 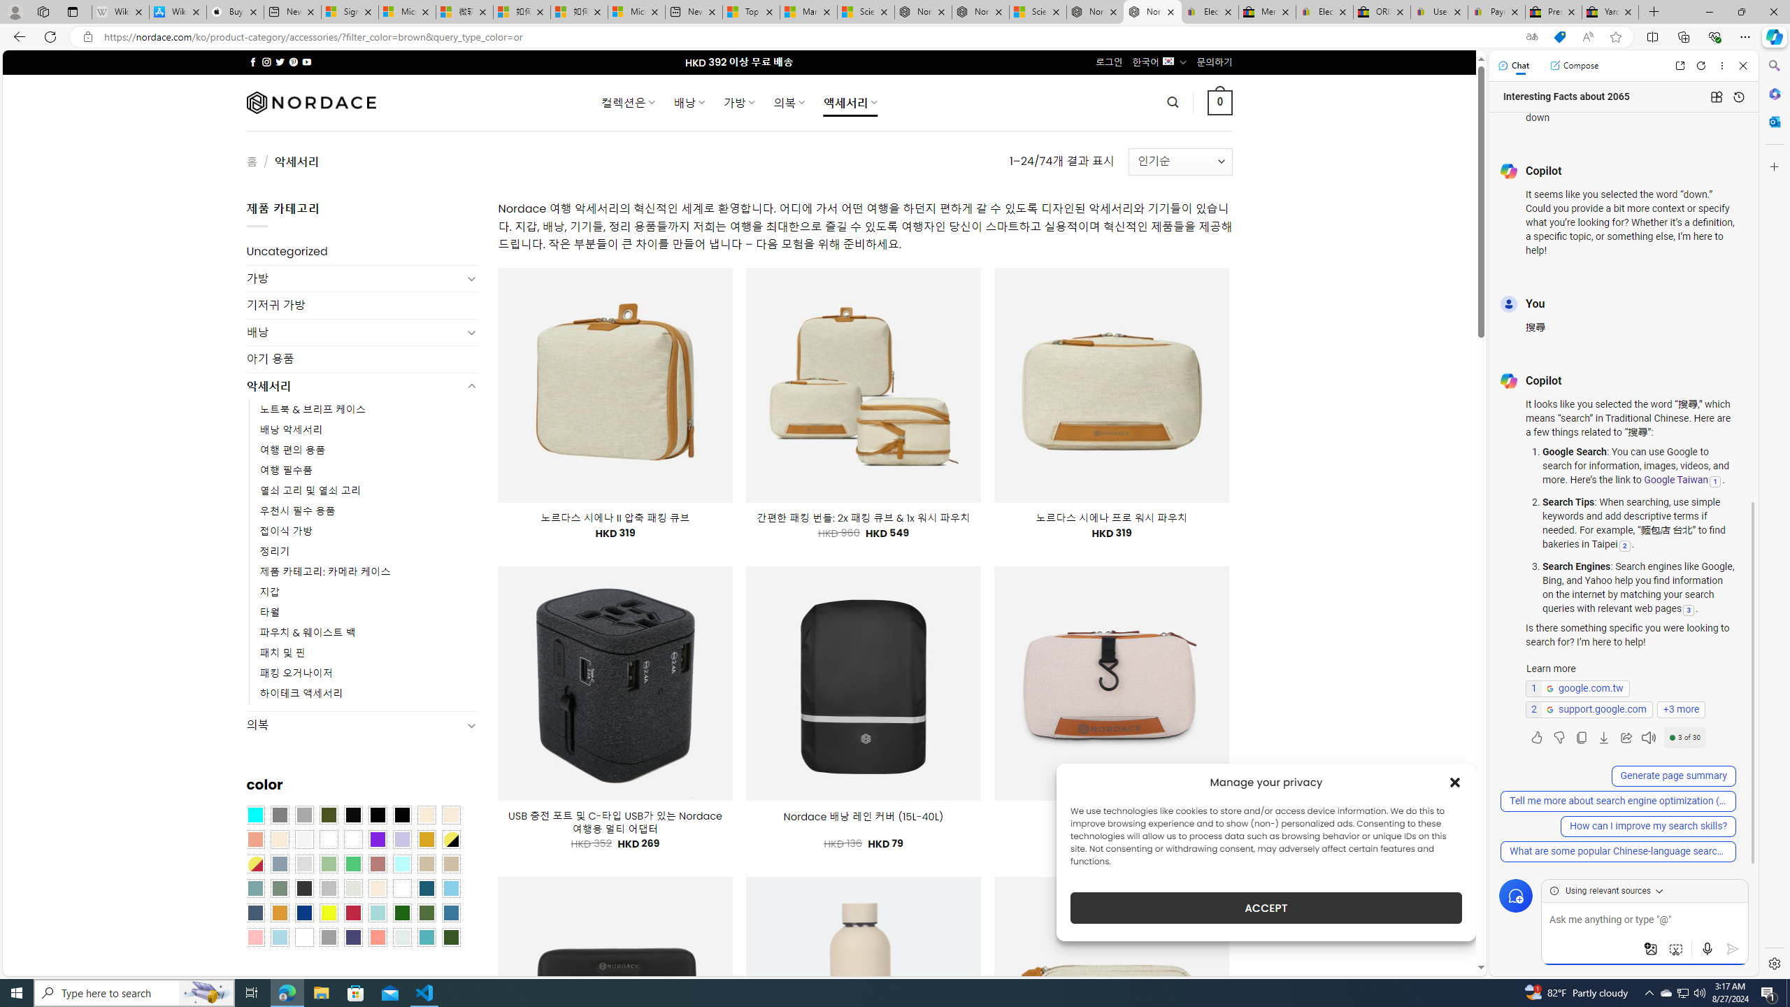 What do you see at coordinates (292, 62) in the screenshot?
I see `'Follow on Pinterest'` at bounding box center [292, 62].